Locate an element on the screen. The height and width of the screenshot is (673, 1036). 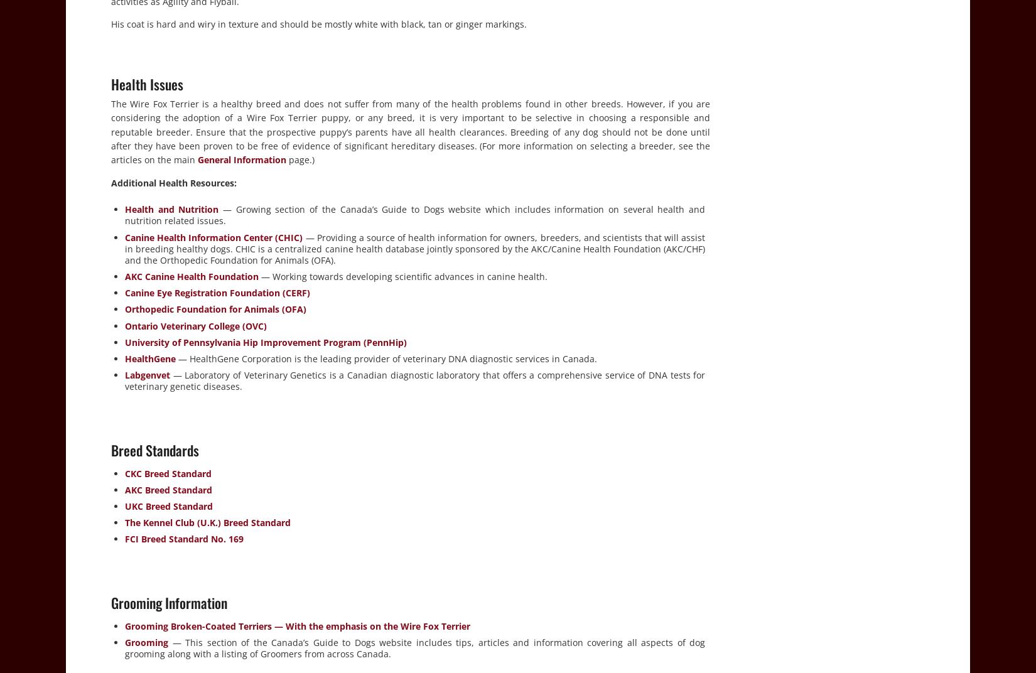
'General Information' is located at coordinates (242, 159).